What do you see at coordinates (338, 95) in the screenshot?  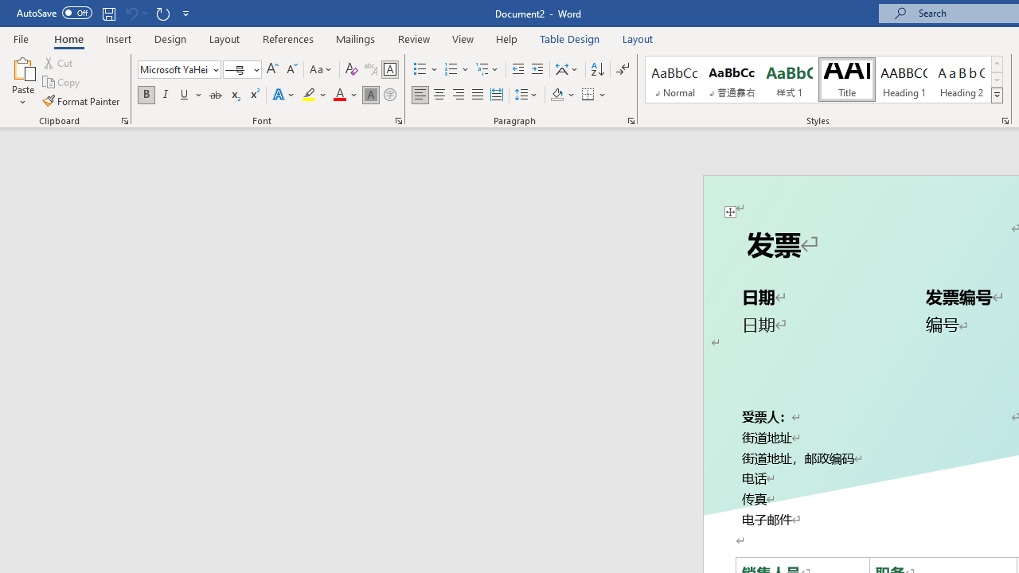 I see `'Font Color RGB(255, 0, 0)'` at bounding box center [338, 95].